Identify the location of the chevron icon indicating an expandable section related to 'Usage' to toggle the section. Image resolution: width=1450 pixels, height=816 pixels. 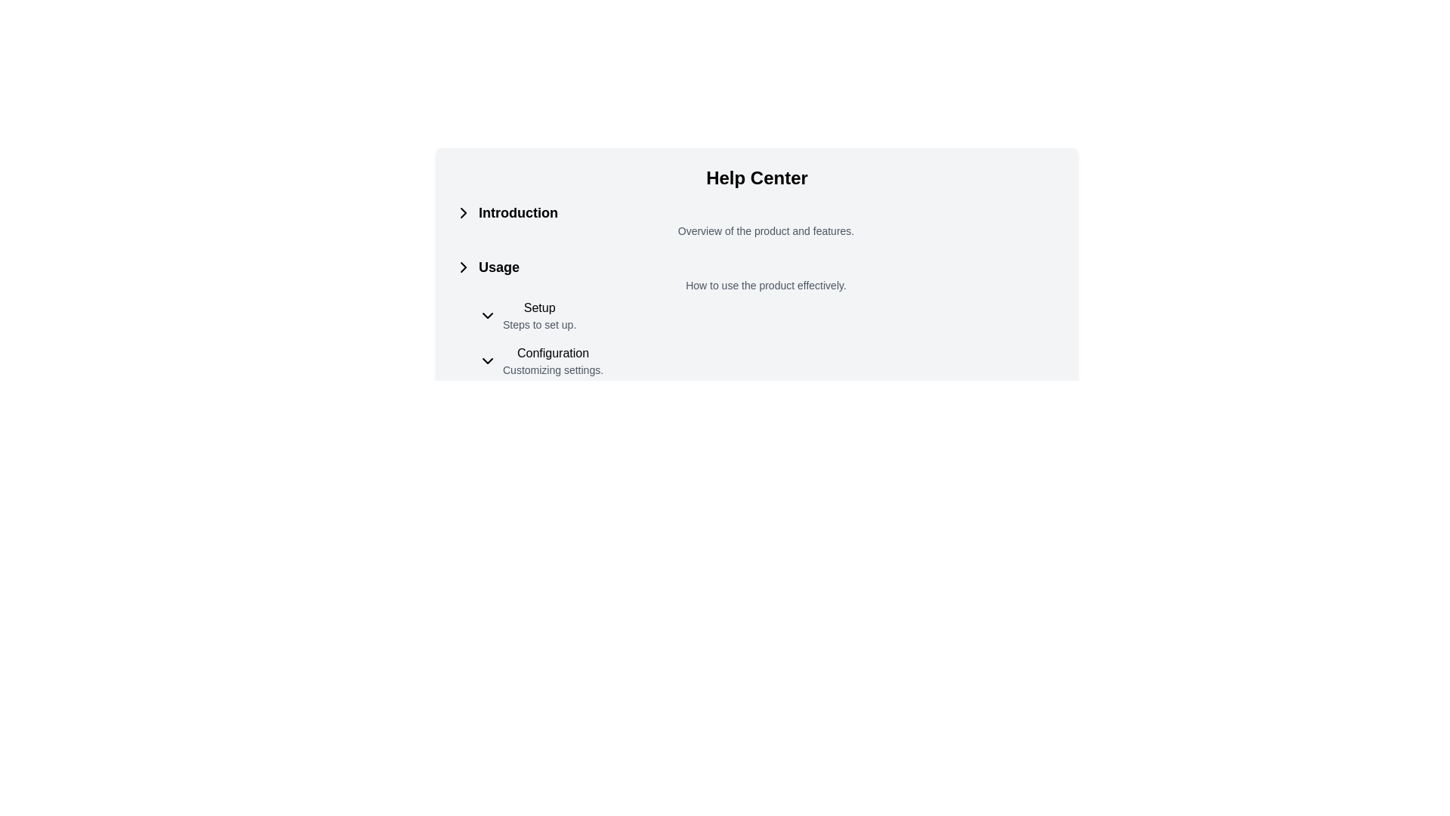
(463, 267).